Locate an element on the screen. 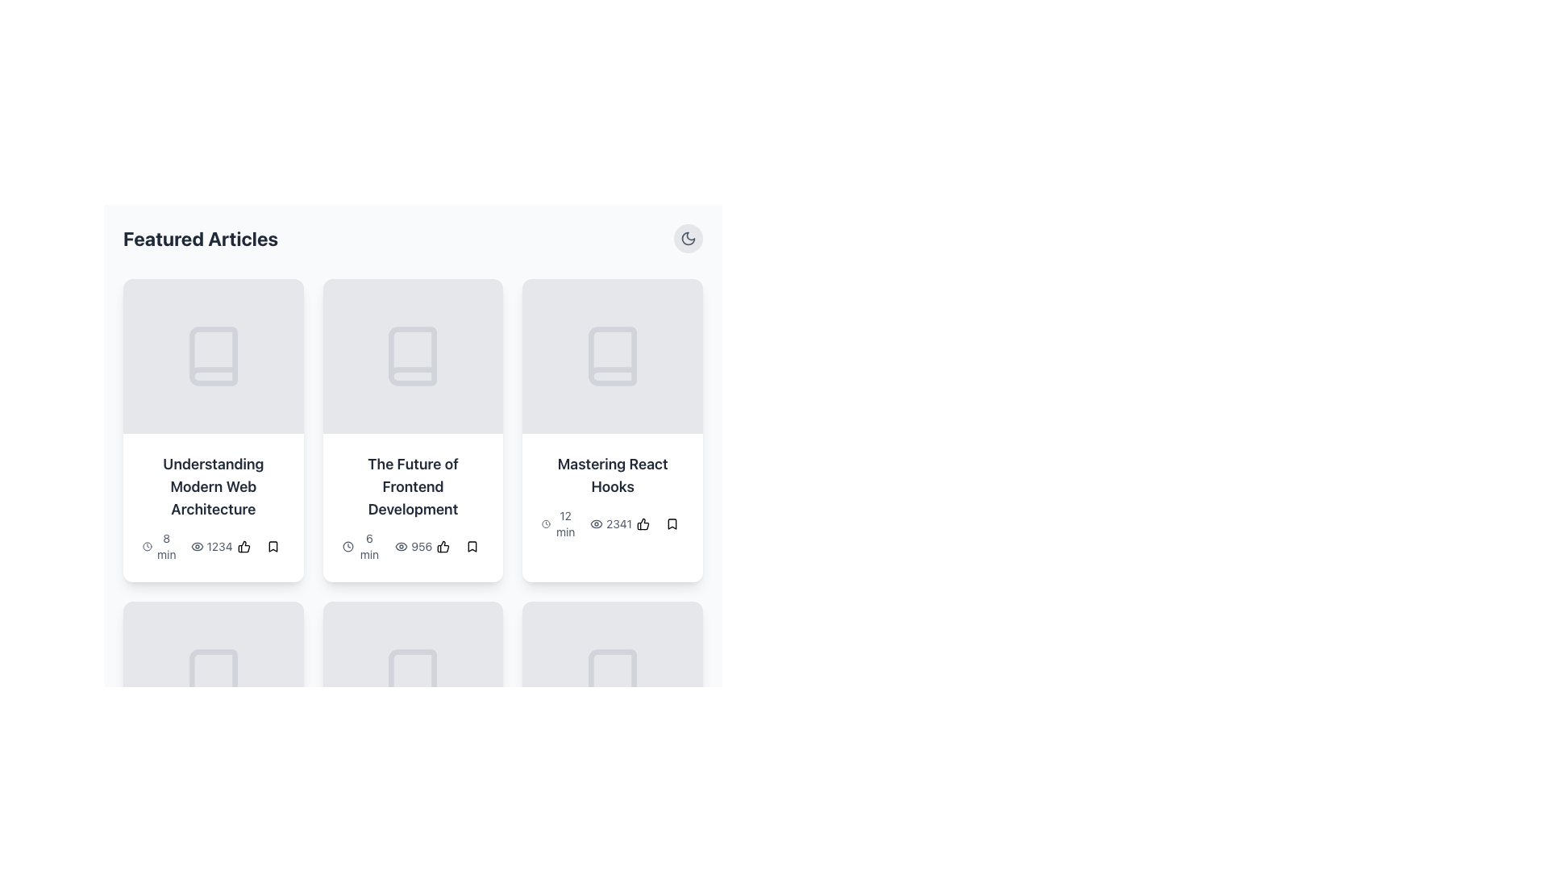  the clock icon, which is styled in a minimalistic design with a circular outline and hands indicating the time, located to the left of the '12 min' text, below the title 'Mastering React Hooks' is located at coordinates (546, 524).